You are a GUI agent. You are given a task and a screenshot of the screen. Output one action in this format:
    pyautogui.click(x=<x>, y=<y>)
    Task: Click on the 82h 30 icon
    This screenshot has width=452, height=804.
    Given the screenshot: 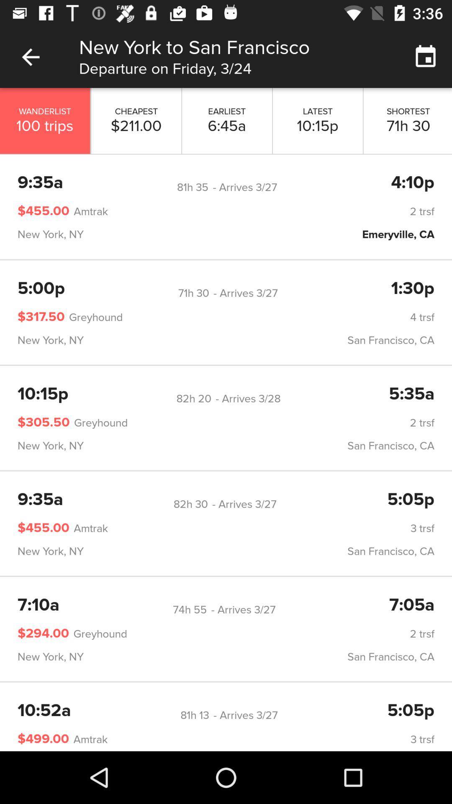 What is the action you would take?
    pyautogui.click(x=190, y=504)
    